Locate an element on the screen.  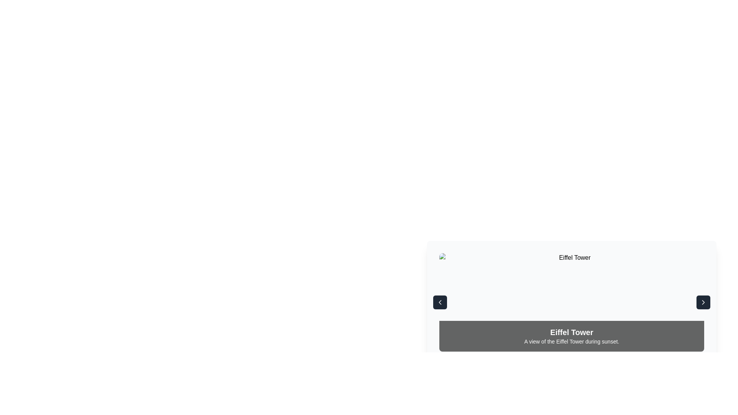
the small, square button with a dark gray background and a white arrow pointing to the right is located at coordinates (703, 302).